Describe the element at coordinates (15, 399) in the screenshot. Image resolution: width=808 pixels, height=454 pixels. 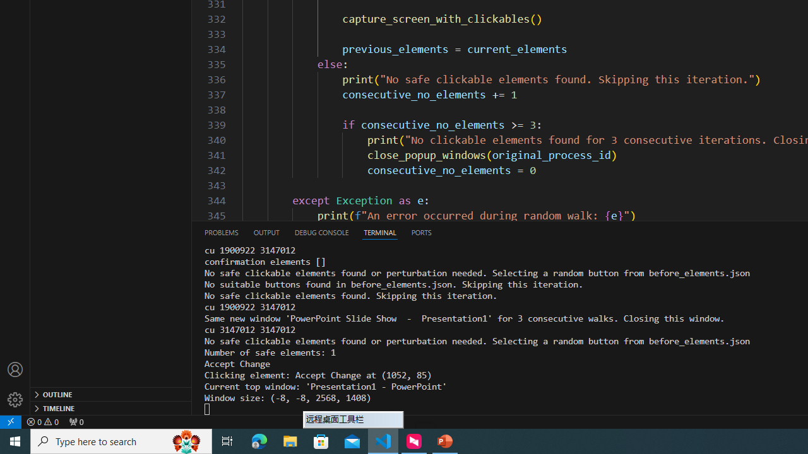
I see `'Manage'` at that location.